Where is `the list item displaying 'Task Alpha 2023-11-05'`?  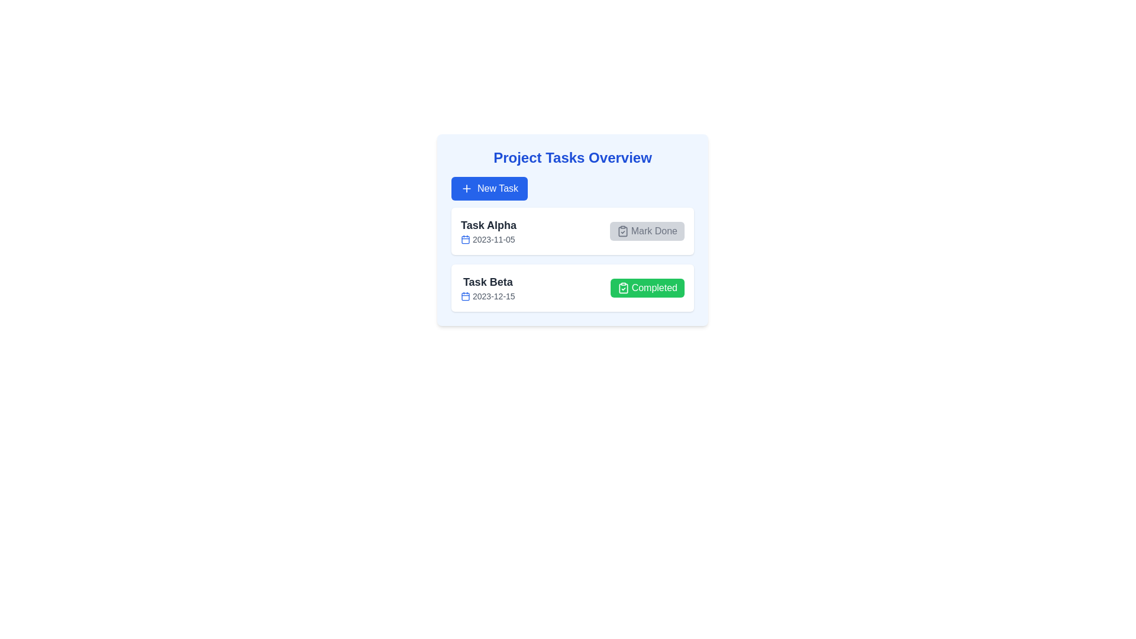
the list item displaying 'Task Alpha 2023-11-05' is located at coordinates (488, 231).